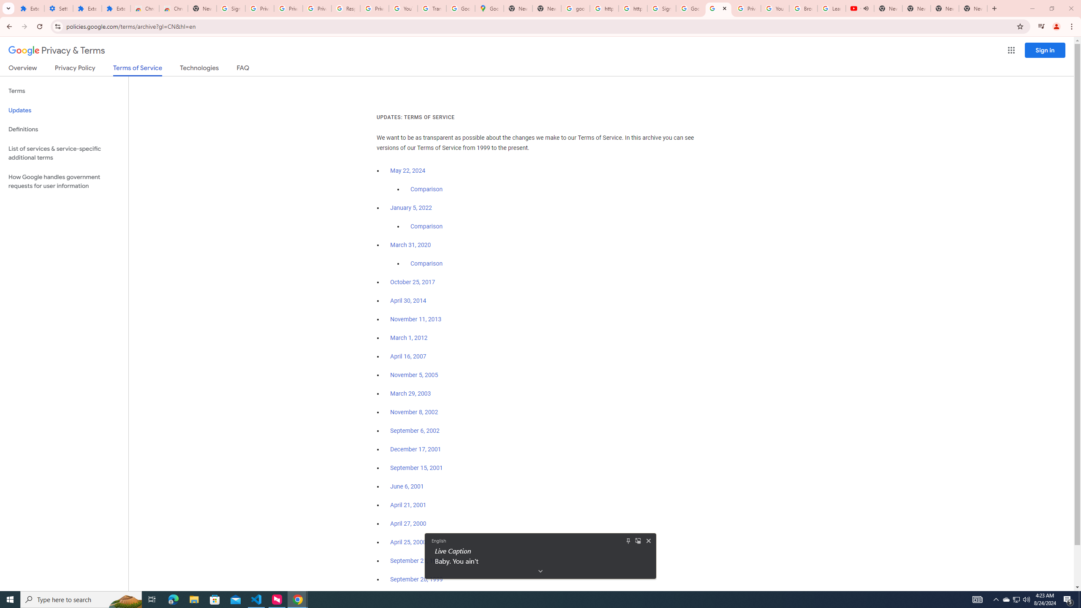 The image size is (1081, 608). Describe the element at coordinates (416, 319) in the screenshot. I see `'November 11, 2013'` at that location.